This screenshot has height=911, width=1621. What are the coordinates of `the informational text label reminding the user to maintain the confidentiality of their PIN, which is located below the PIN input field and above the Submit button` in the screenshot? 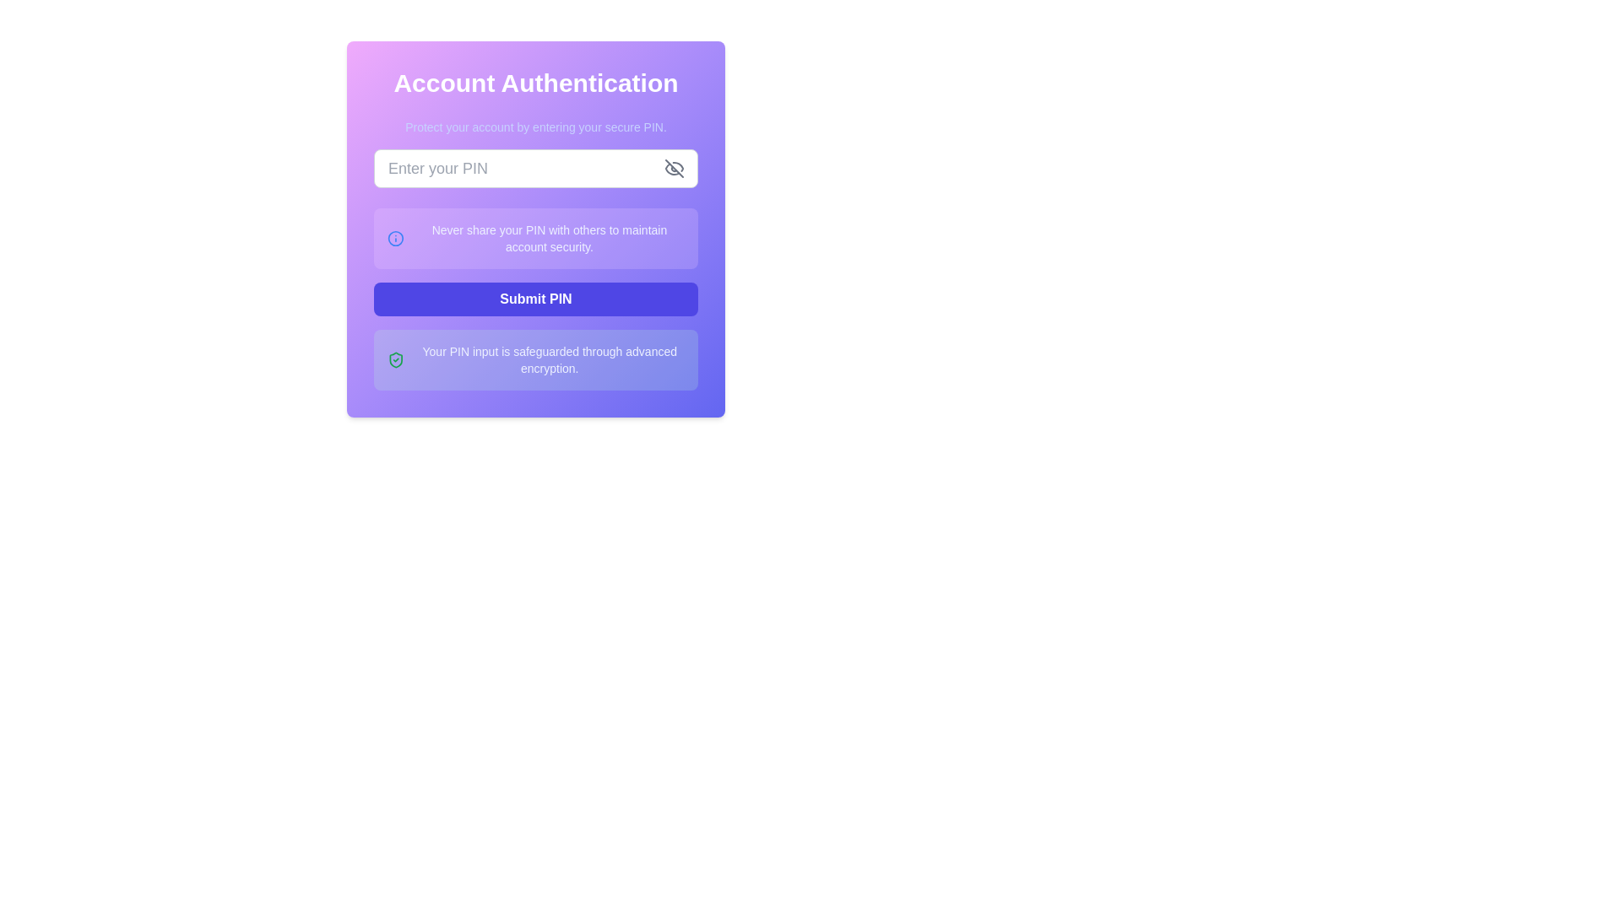 It's located at (549, 238).